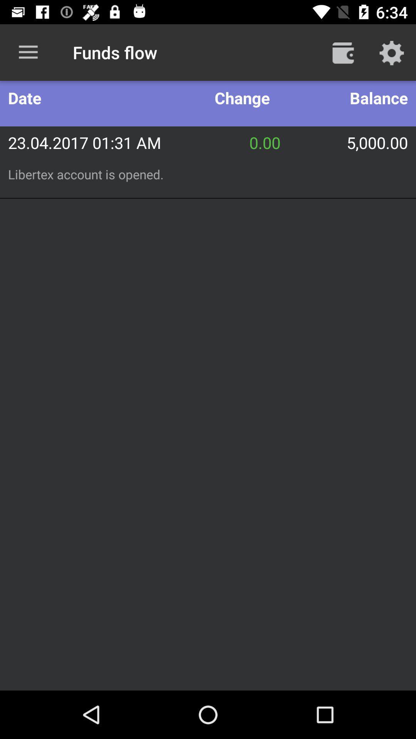 Image resolution: width=416 pixels, height=739 pixels. I want to click on the item to the right of the funds flow icon, so click(343, 52).